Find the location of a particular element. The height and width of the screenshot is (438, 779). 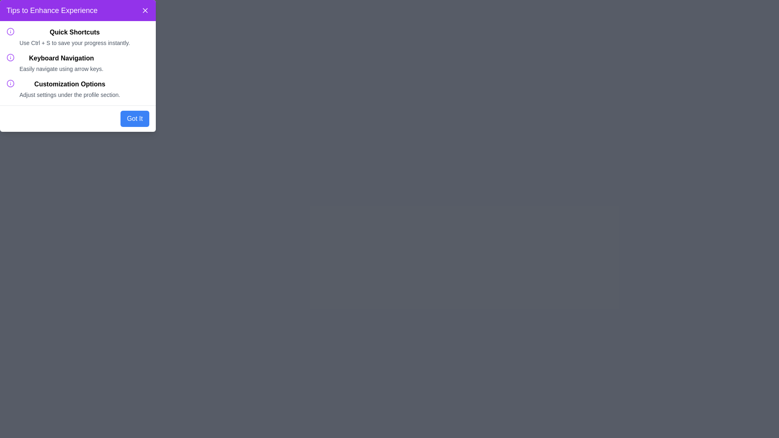

textual information block that presents tips for improving user experience, specifically about saving progress quickly using a shortcut key, located in the dialog box titled 'Tips to Enhance Experience' is located at coordinates (78, 37).